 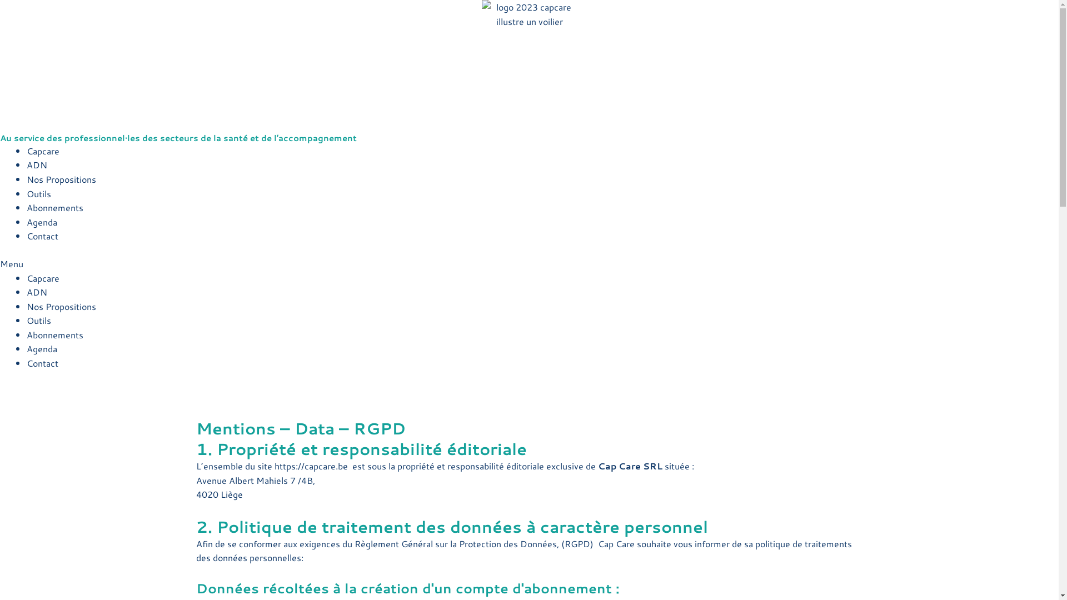 What do you see at coordinates (42, 363) in the screenshot?
I see `'Contact'` at bounding box center [42, 363].